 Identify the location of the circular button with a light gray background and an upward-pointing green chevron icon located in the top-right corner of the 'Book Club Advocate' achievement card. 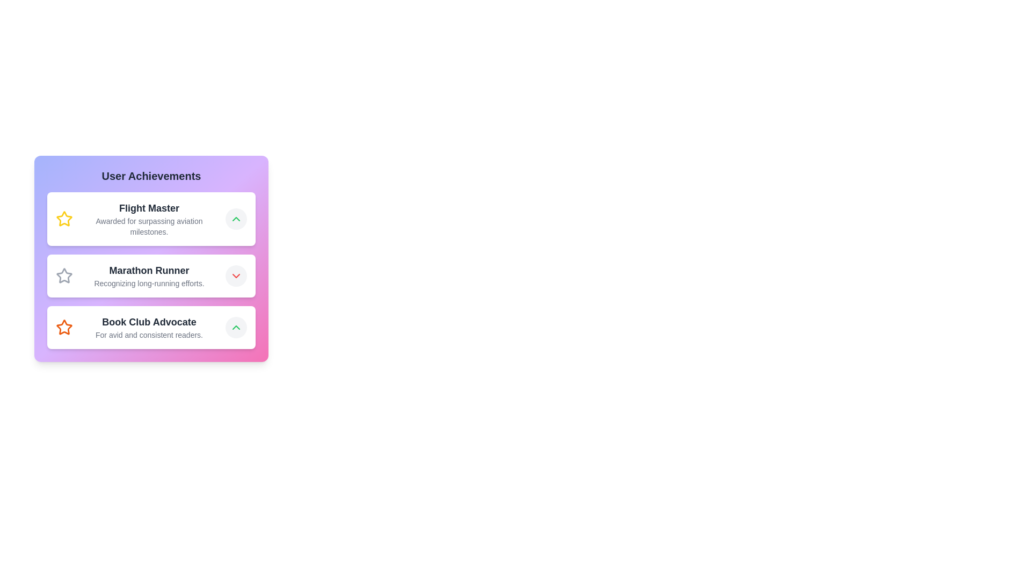
(236, 327).